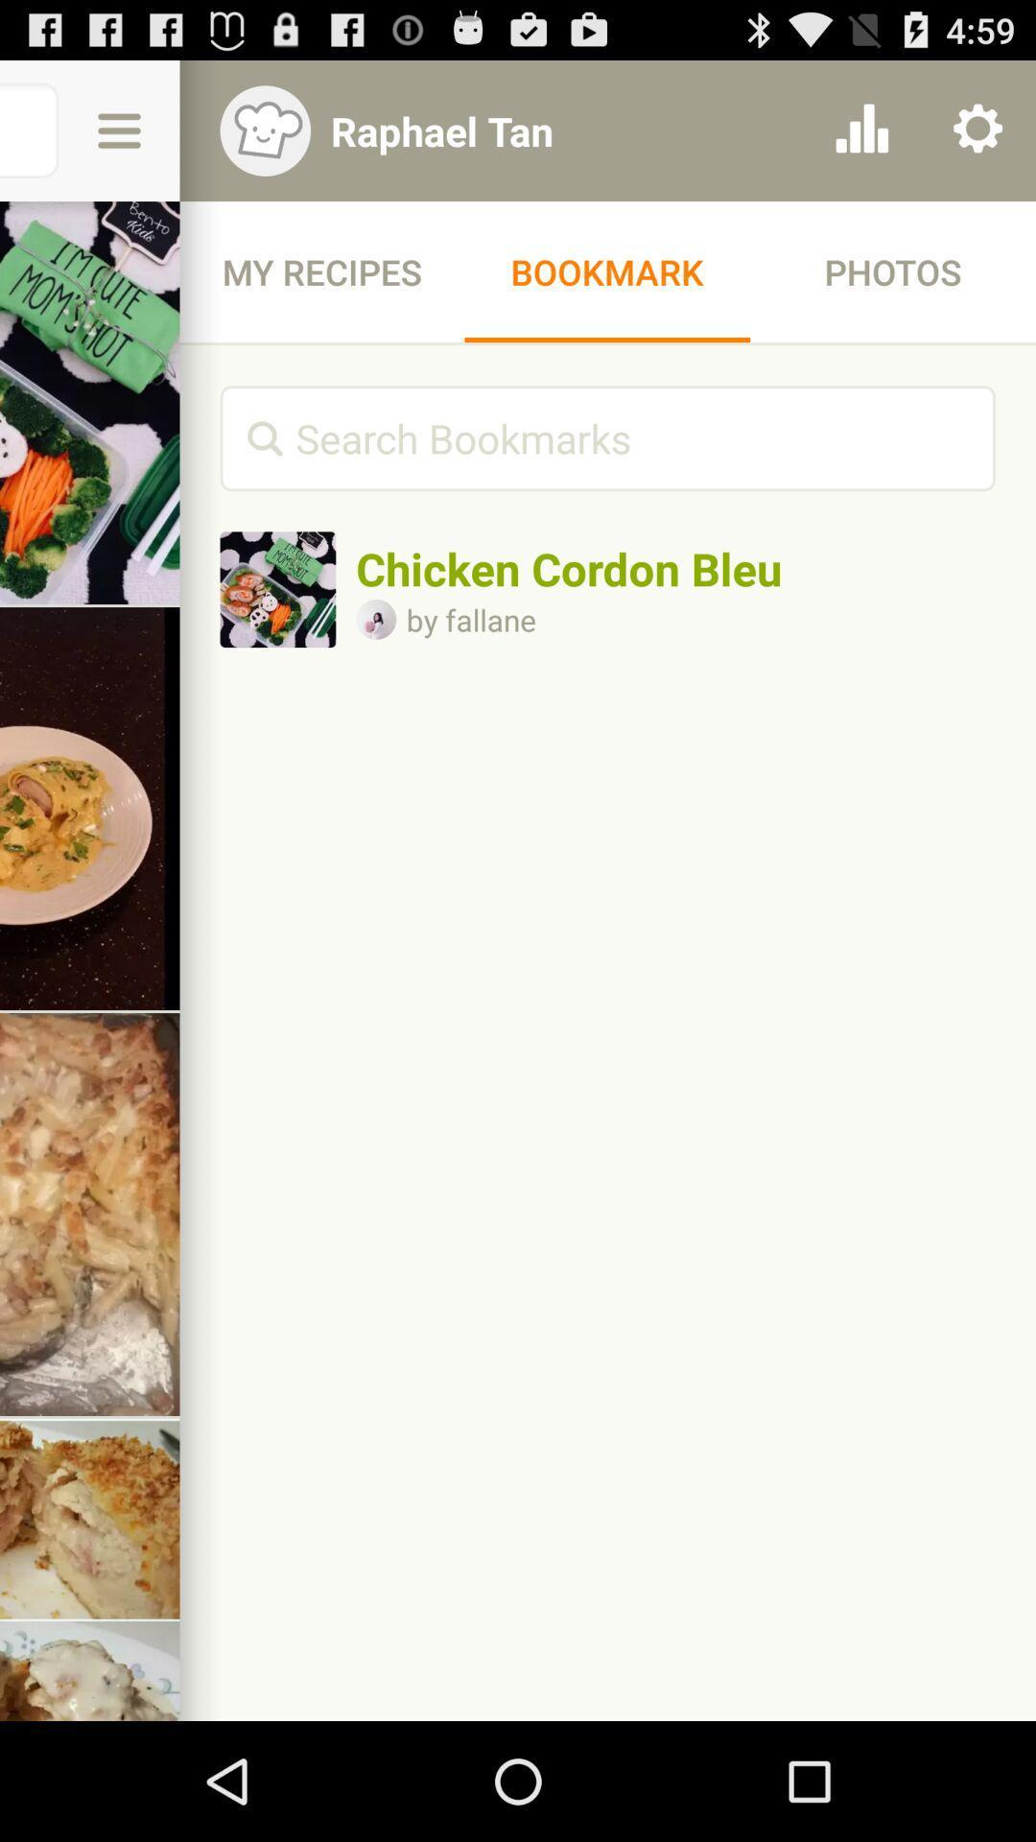 This screenshot has width=1036, height=1842. What do you see at coordinates (860, 130) in the screenshot?
I see `item next to the raphael tan` at bounding box center [860, 130].